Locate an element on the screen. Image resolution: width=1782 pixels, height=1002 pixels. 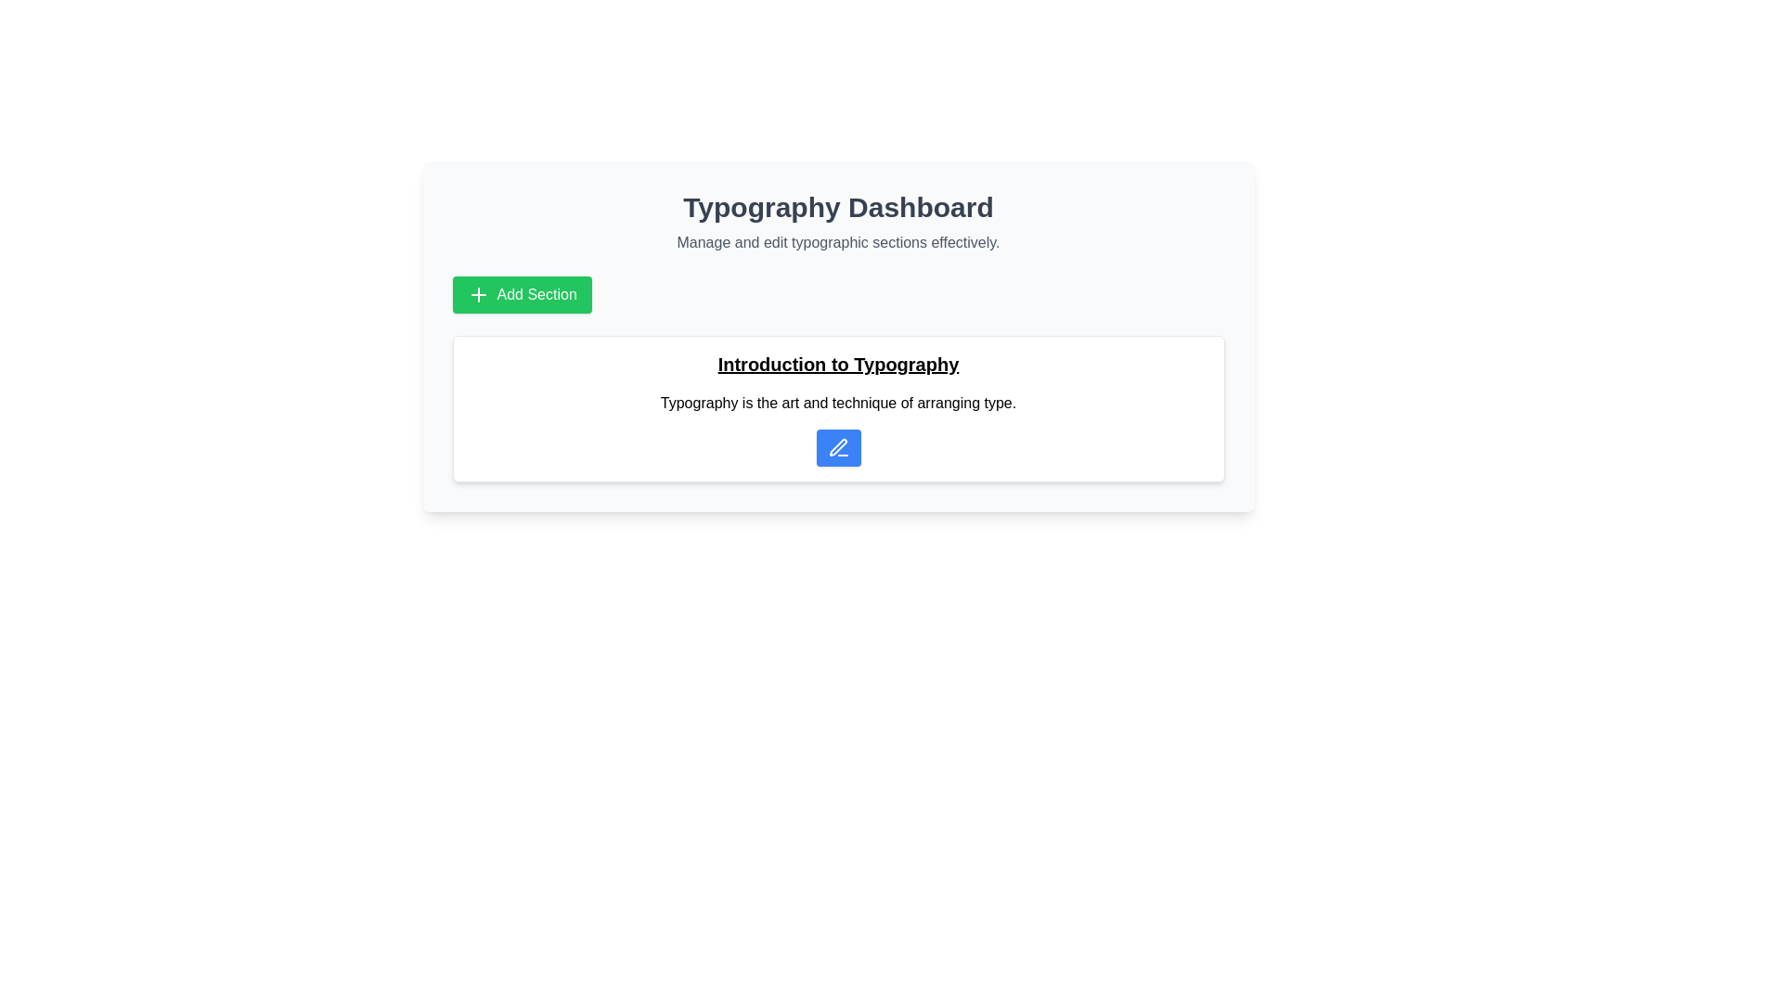
the button located beneath the subtitle 'Manage and edit typographic sections effectively.' is located at coordinates (521, 293).